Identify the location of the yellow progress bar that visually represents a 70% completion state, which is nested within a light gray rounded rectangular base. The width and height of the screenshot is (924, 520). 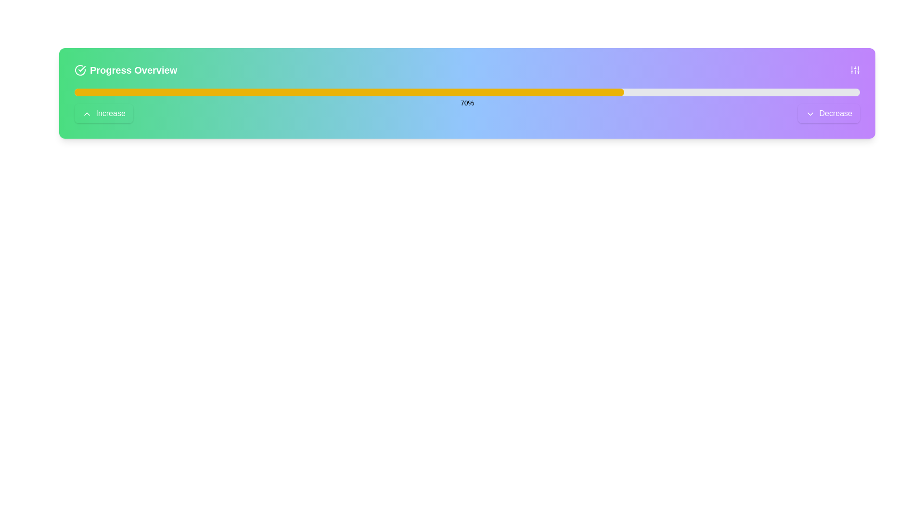
(349, 92).